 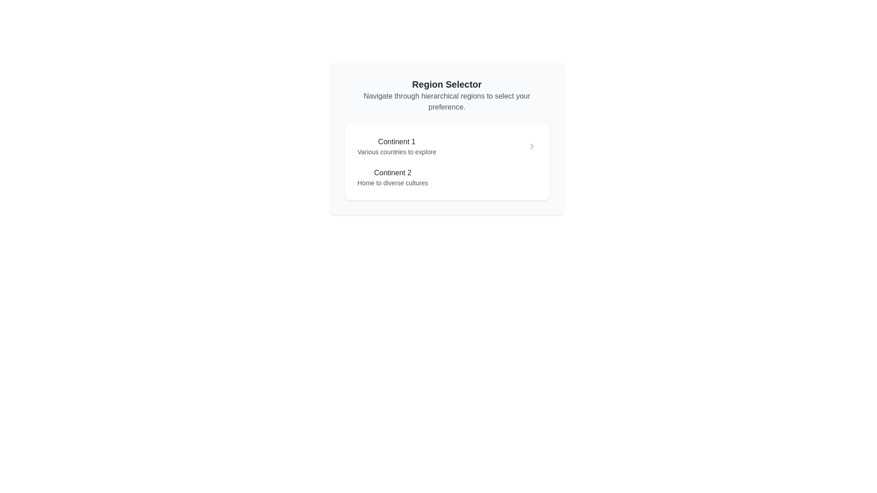 I want to click on the rightward-facing Chevron icon, so click(x=532, y=146).